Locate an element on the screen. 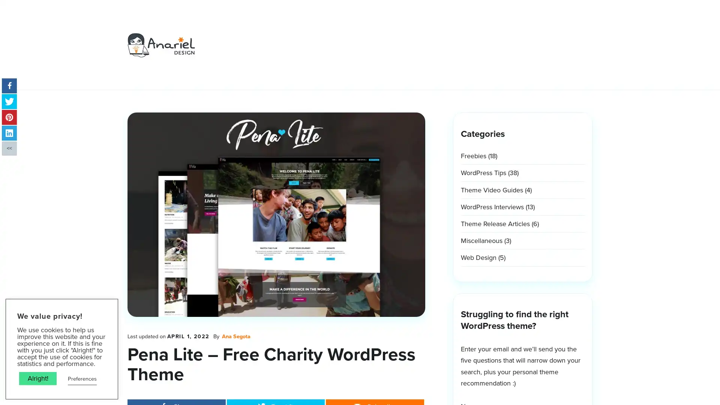  Open menu is located at coordinates (457, 28).